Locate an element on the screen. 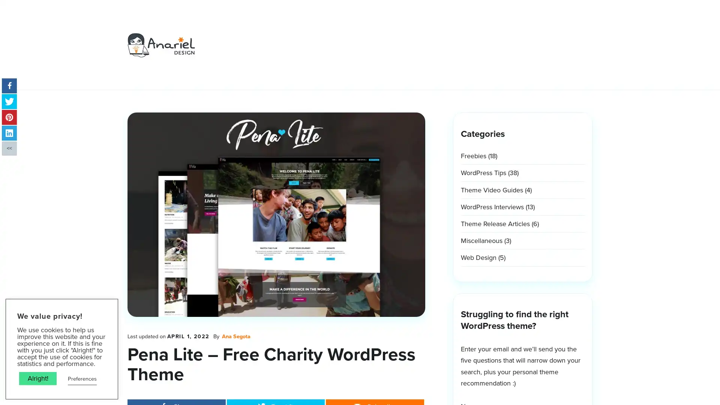  Open menu is located at coordinates (457, 28).